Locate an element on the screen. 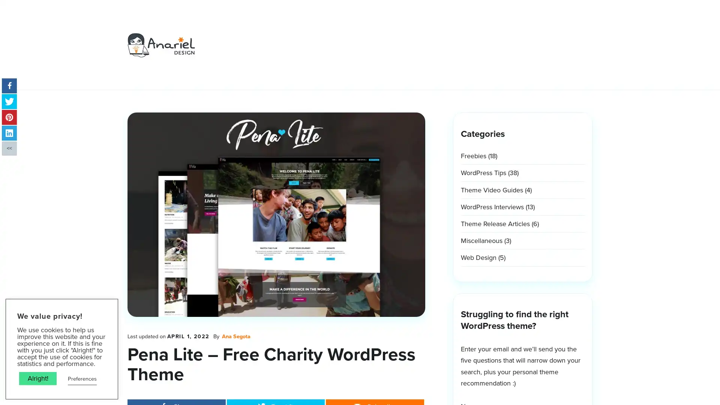  Open menu is located at coordinates (457, 28).